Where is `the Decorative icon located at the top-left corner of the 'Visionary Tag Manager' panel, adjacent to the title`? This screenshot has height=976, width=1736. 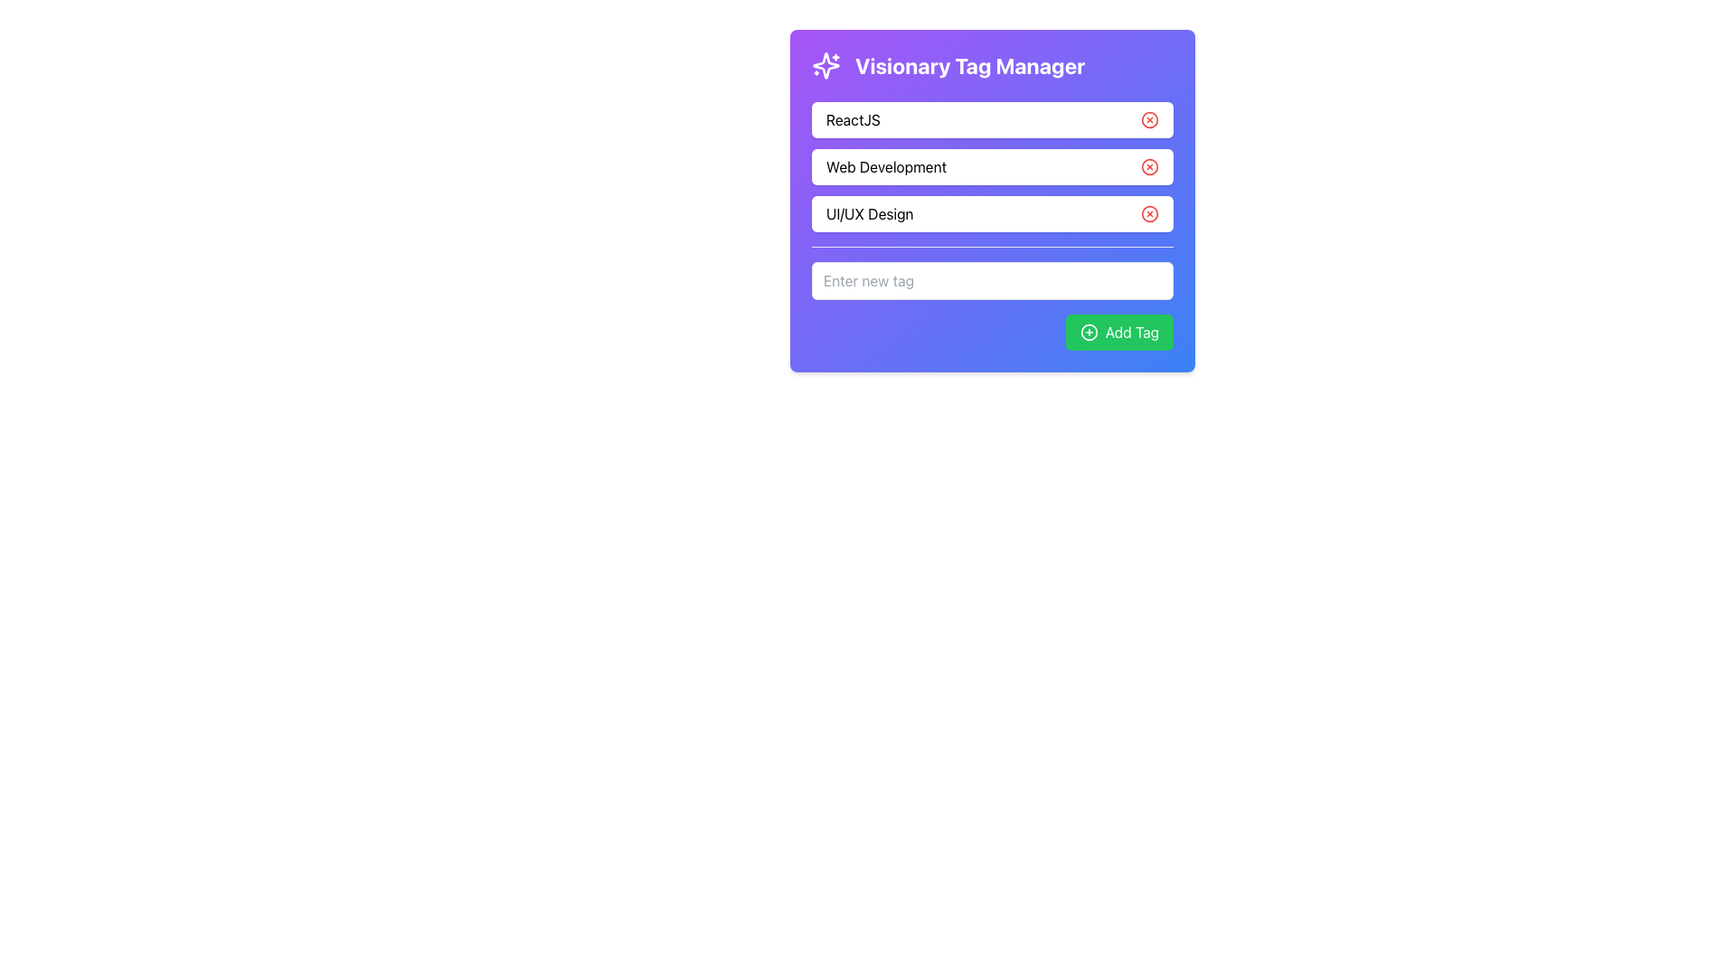
the Decorative icon located at the top-left corner of the 'Visionary Tag Manager' panel, adjacent to the title is located at coordinates (825, 65).